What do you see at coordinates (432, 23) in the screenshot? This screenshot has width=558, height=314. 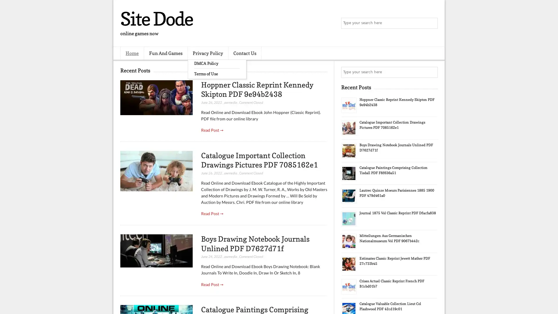 I see `Search` at bounding box center [432, 23].